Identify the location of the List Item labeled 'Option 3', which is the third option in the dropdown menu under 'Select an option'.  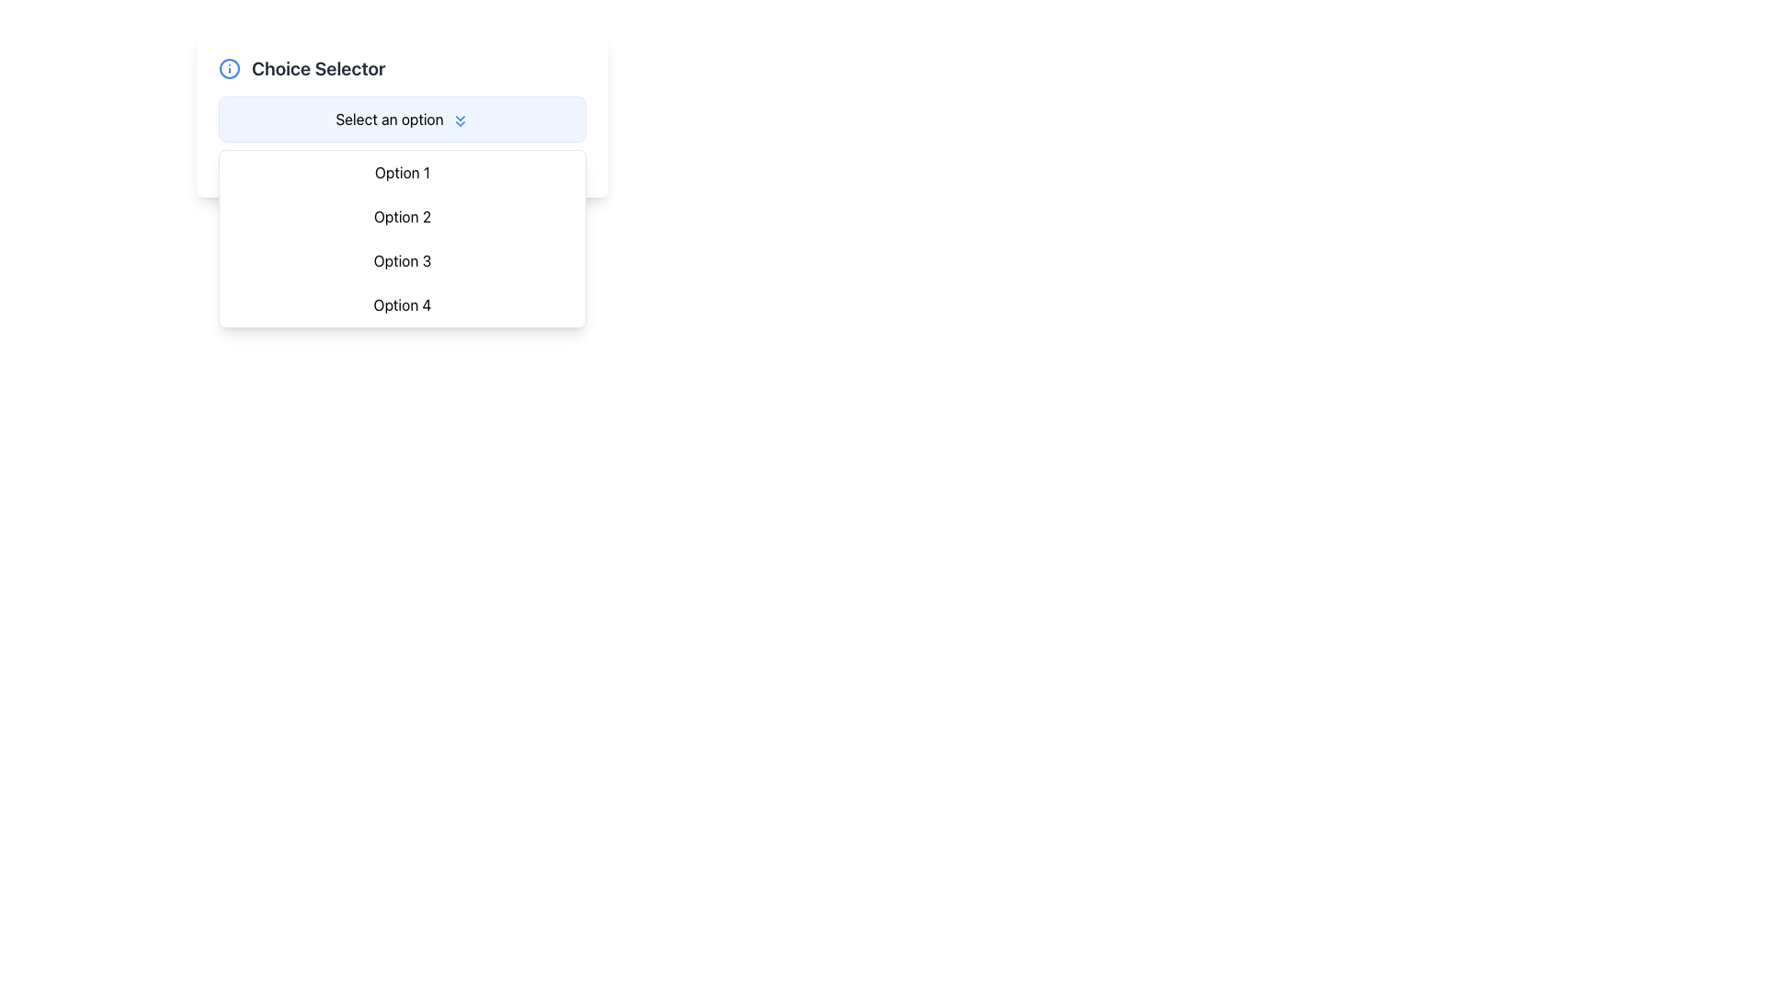
(401, 261).